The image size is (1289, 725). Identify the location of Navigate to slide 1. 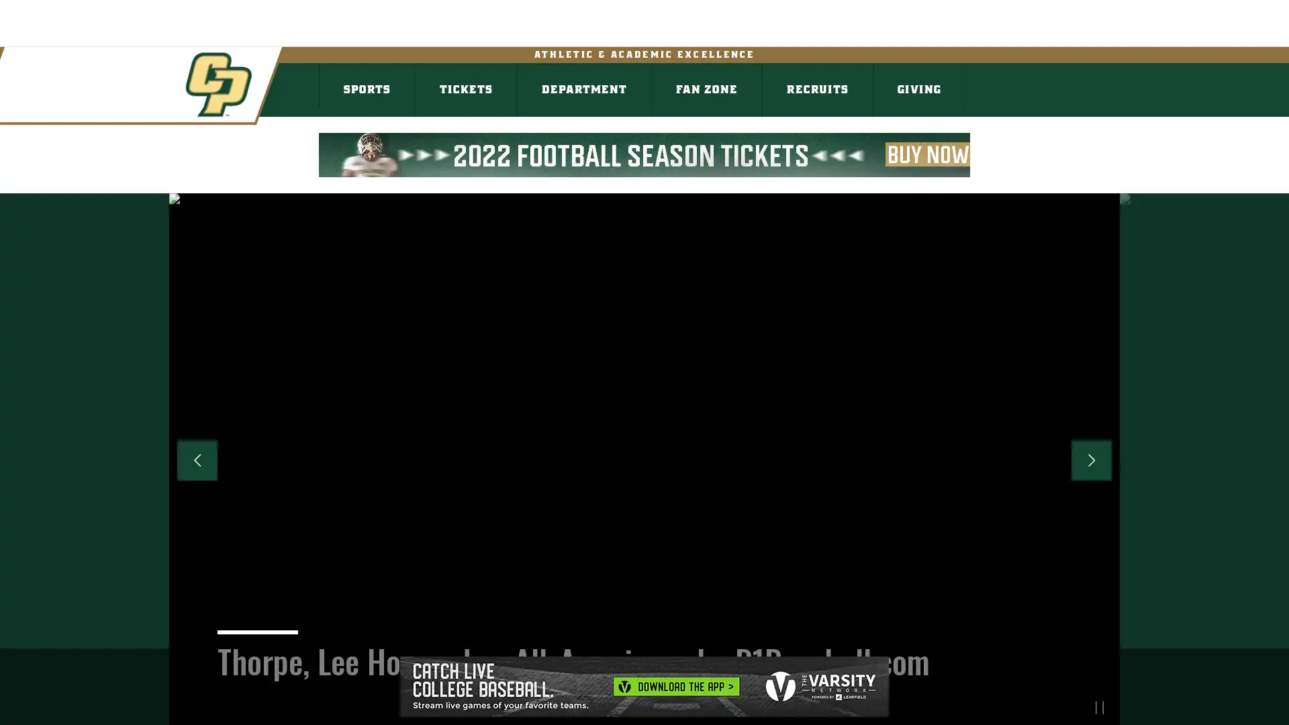
(583, 706).